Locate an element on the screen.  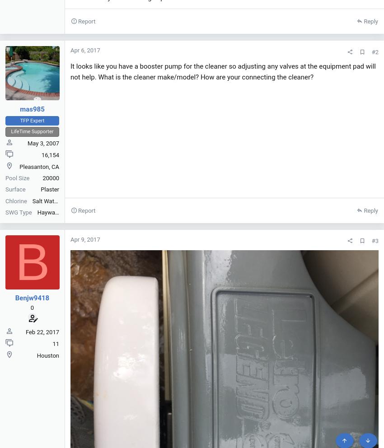
'Surface' is located at coordinates (15, 189).